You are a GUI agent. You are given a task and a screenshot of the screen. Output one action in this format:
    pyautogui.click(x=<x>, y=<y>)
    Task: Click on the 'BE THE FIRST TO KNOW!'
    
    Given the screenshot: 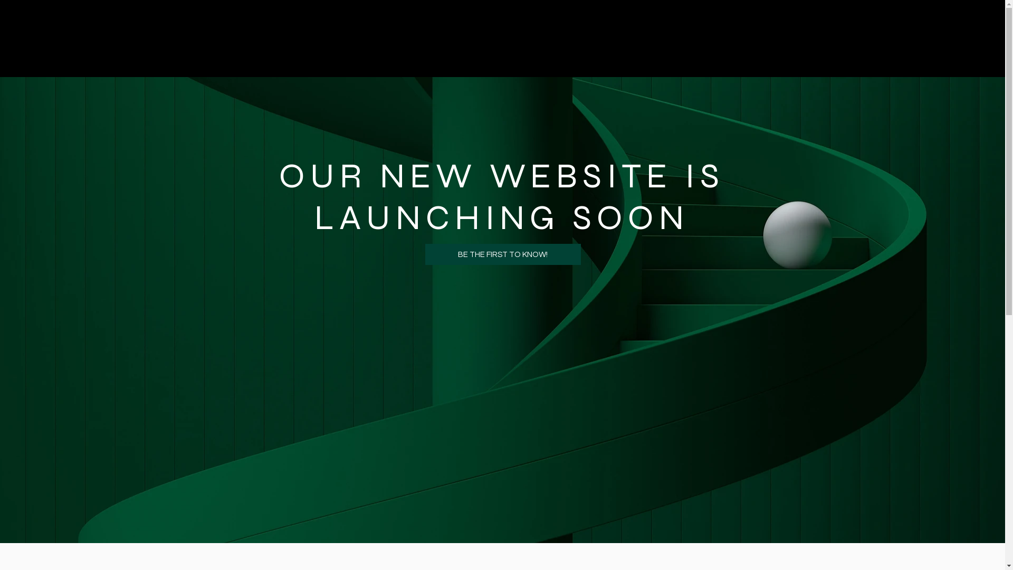 What is the action you would take?
    pyautogui.click(x=502, y=254)
    